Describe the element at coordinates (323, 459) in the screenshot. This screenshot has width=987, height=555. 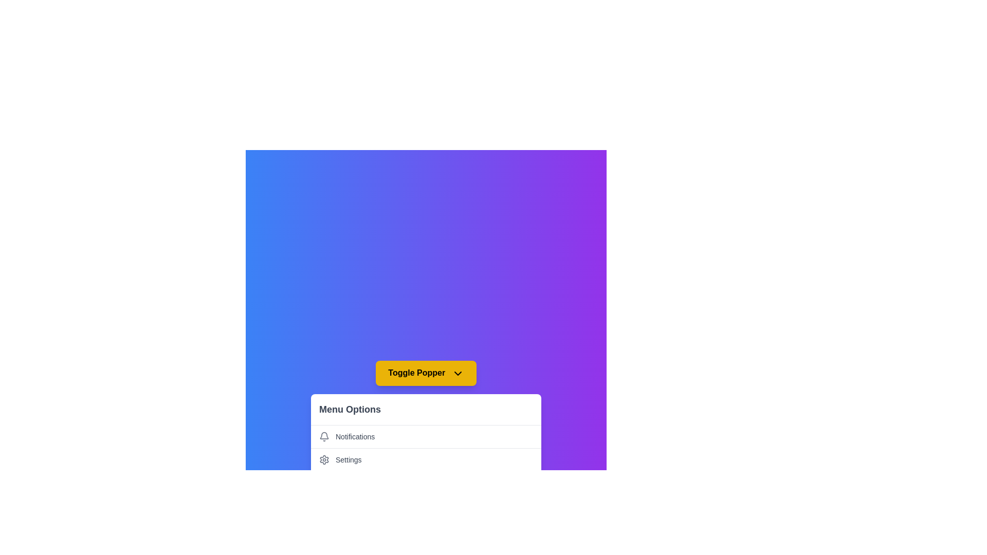
I see `the outer portion of the settings icon, which resembles a gear and is located to the left of the 'Settings' label in the vertical menu under the 'Menu Options' header` at that location.